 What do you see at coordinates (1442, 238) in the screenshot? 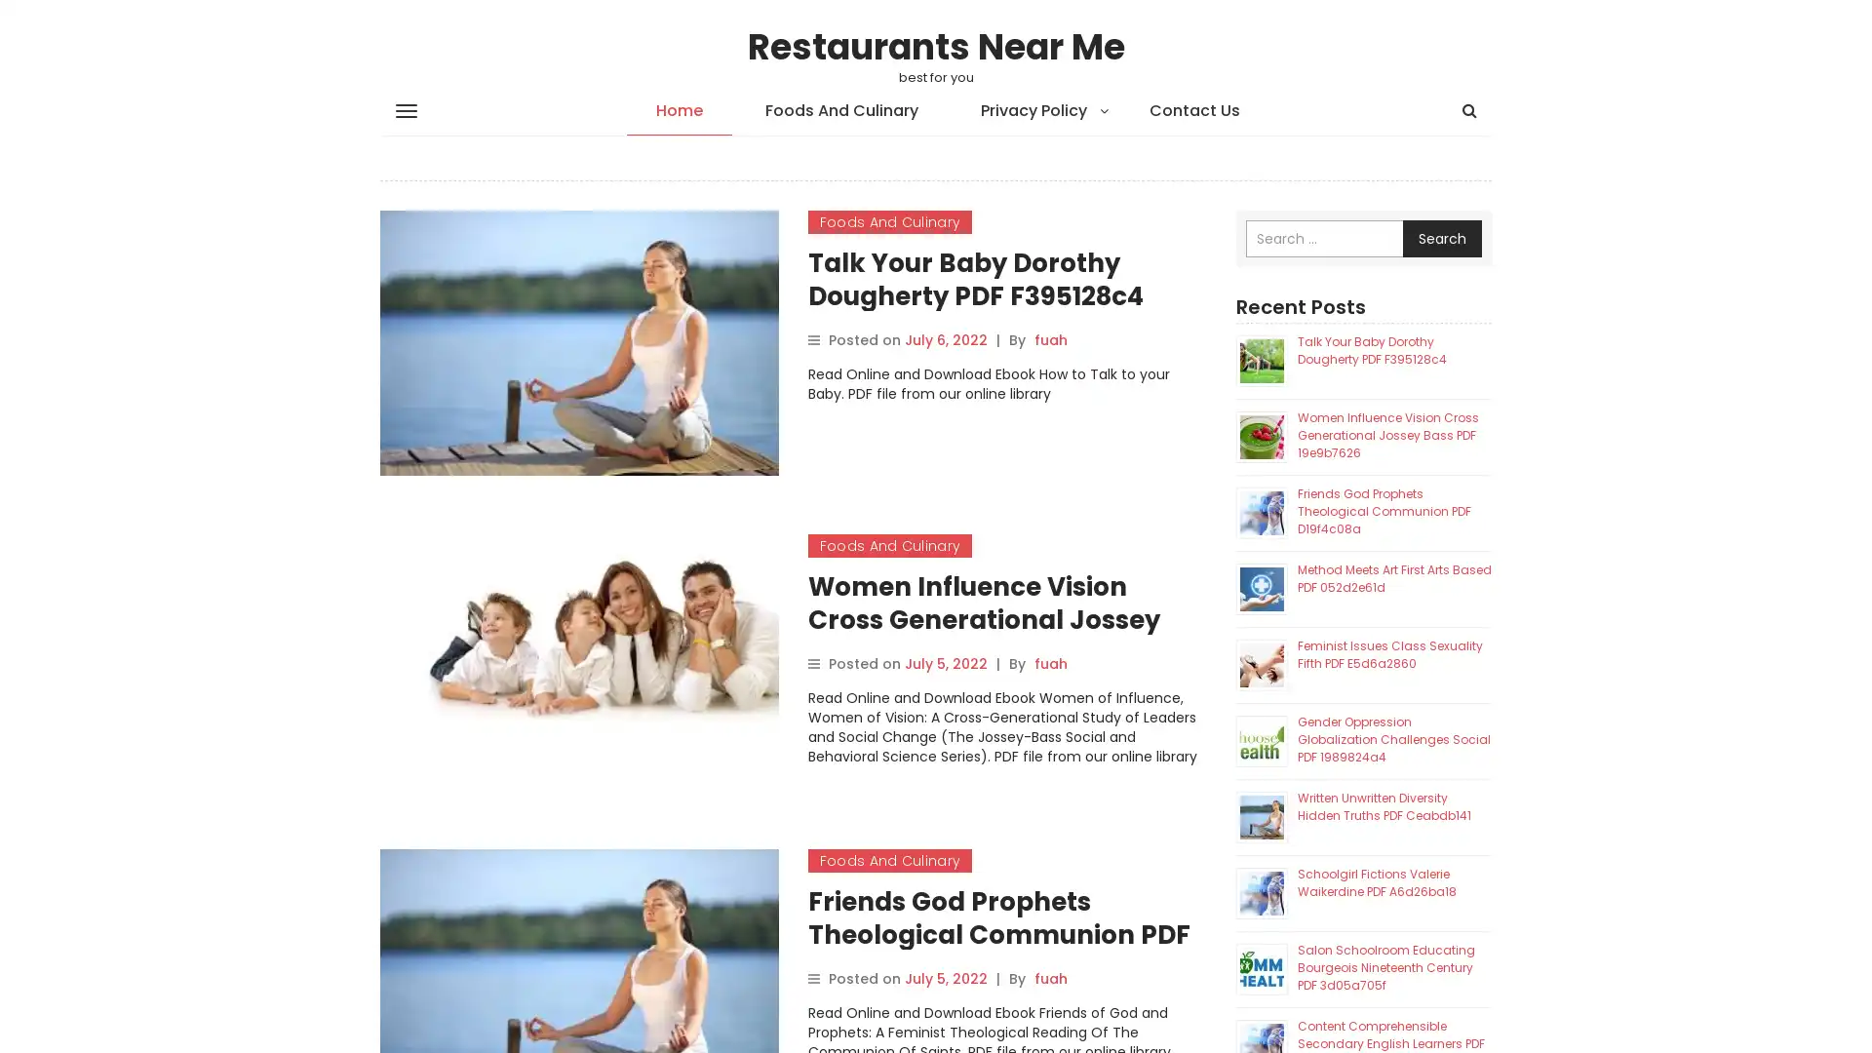
I see `Search` at bounding box center [1442, 238].